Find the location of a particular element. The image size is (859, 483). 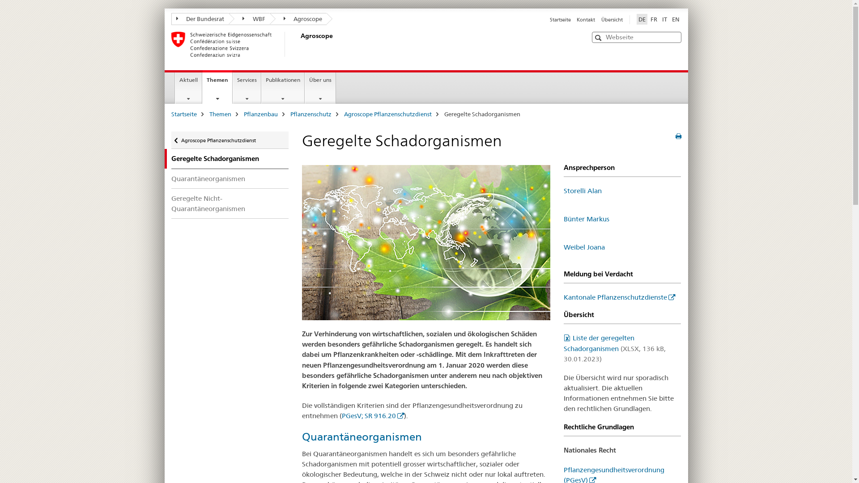

'WBF' is located at coordinates (249, 19).